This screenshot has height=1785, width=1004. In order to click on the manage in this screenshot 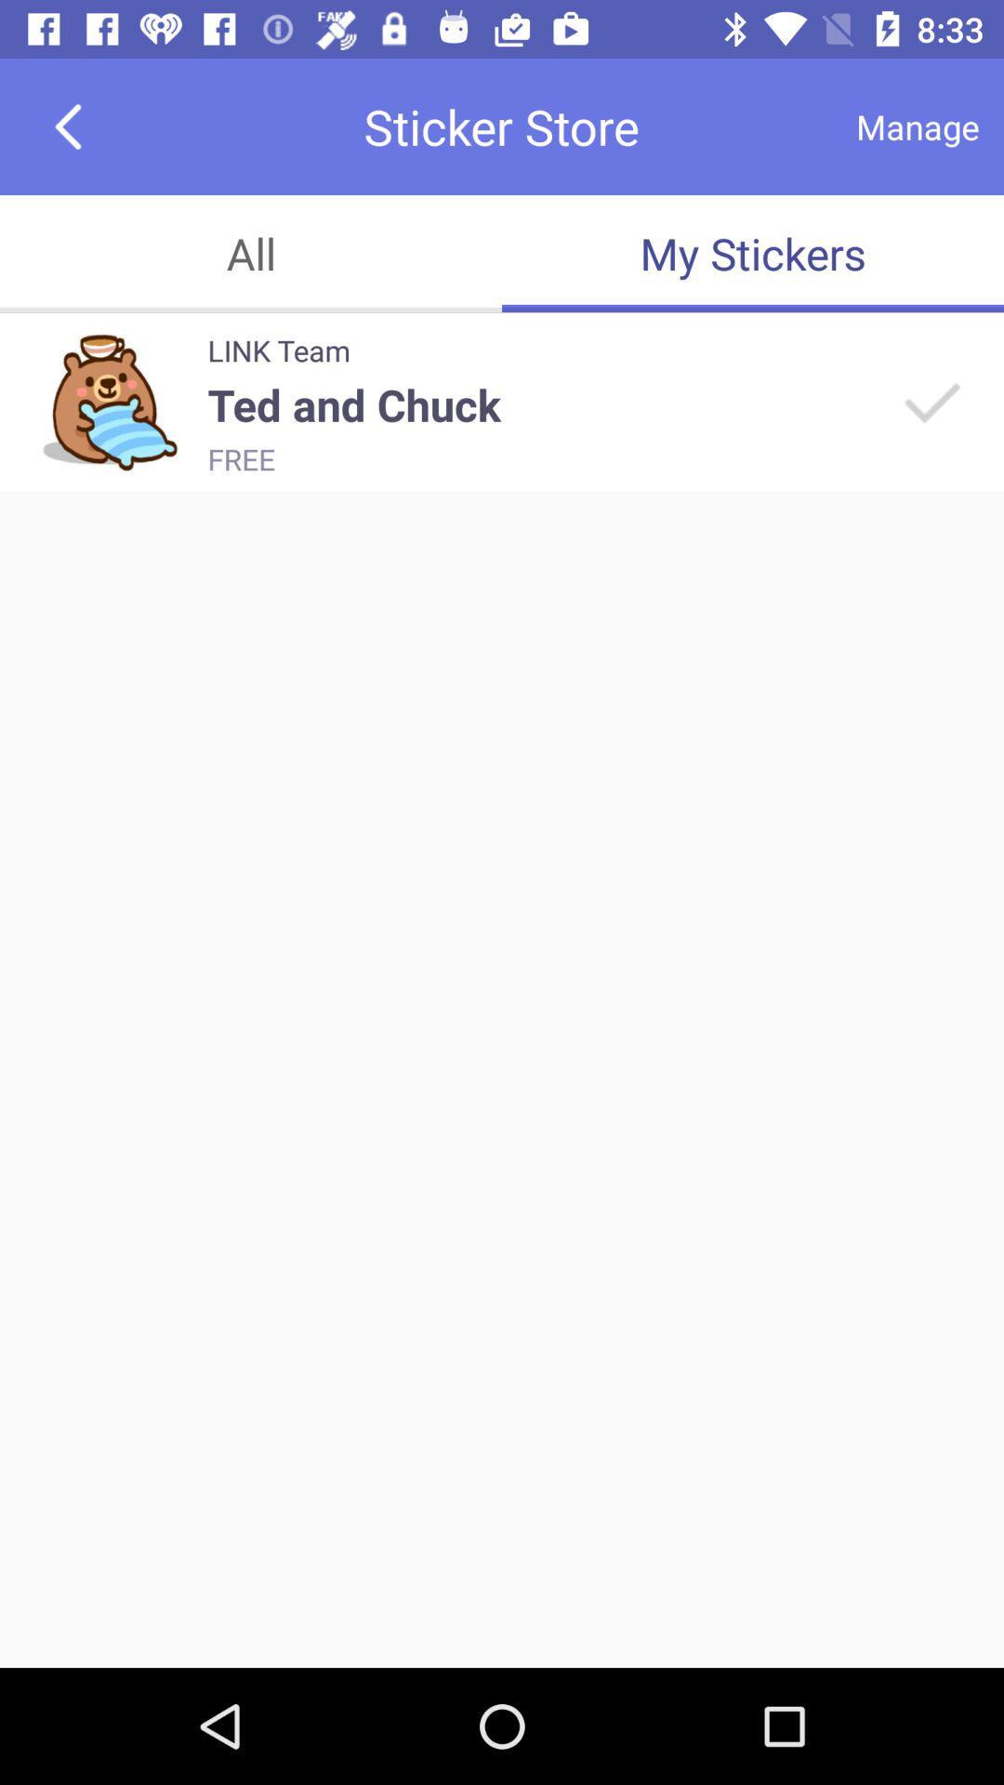, I will do `click(917, 126)`.